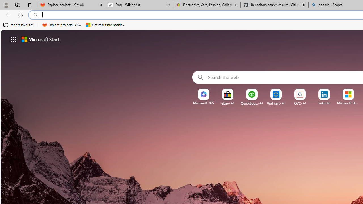 The height and width of the screenshot is (204, 363). What do you see at coordinates (35, 15) in the screenshot?
I see `'Search icon'` at bounding box center [35, 15].